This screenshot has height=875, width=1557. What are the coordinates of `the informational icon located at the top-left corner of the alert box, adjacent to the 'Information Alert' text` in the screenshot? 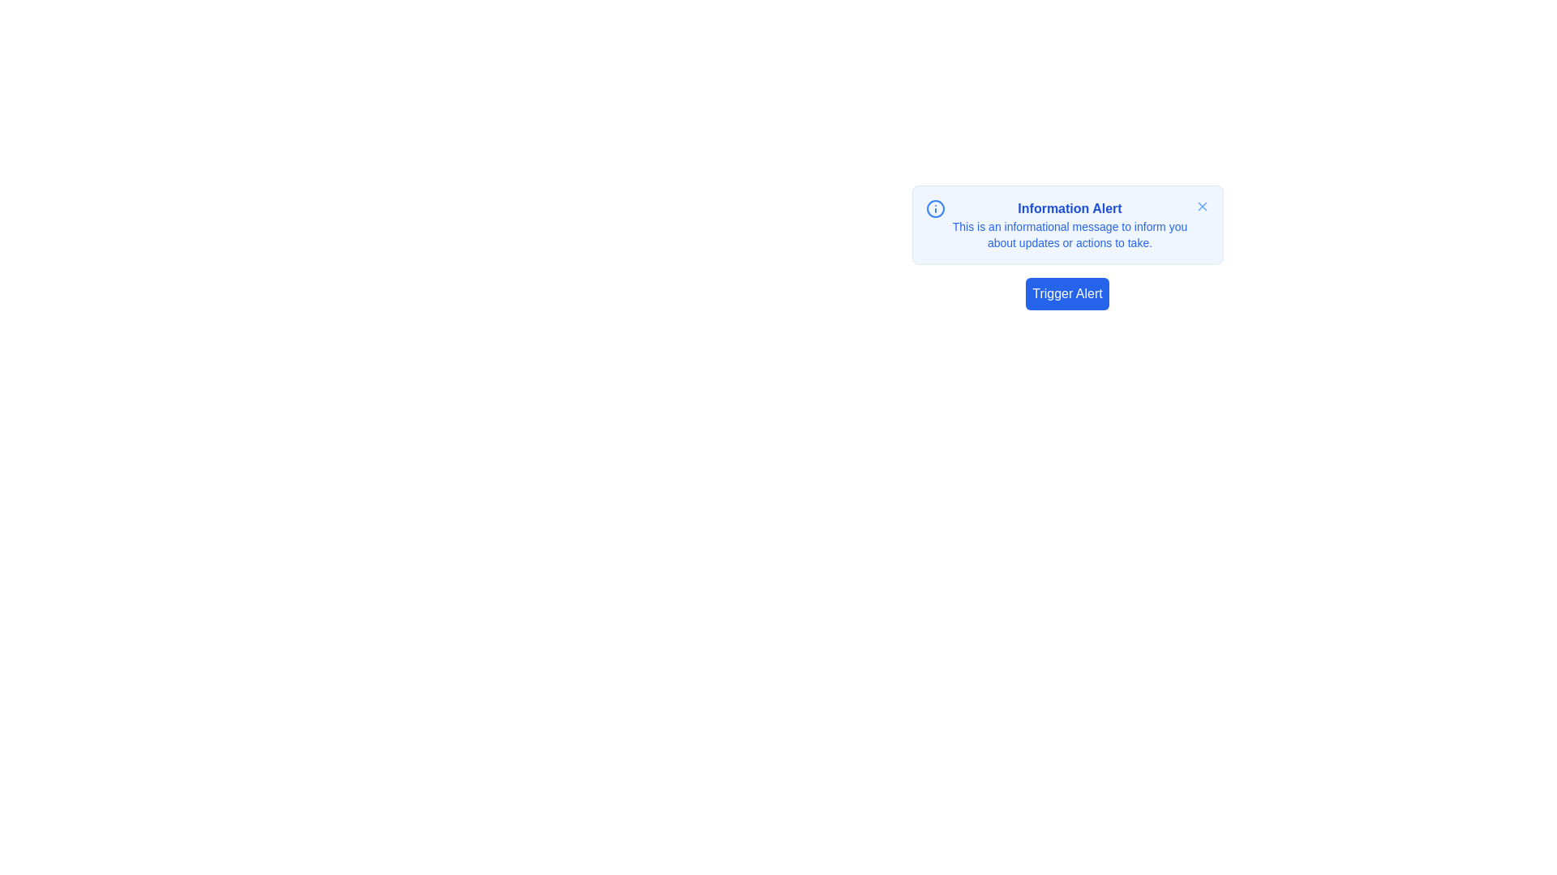 It's located at (935, 208).